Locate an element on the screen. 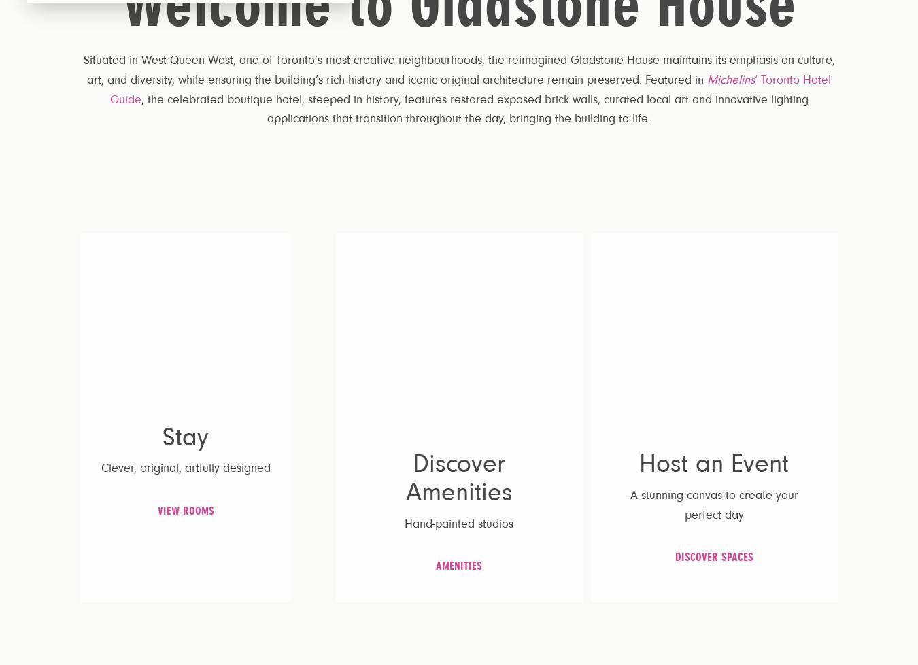 The image size is (918, 665). 'A stunning canvas to create your perfect day' is located at coordinates (713, 504).